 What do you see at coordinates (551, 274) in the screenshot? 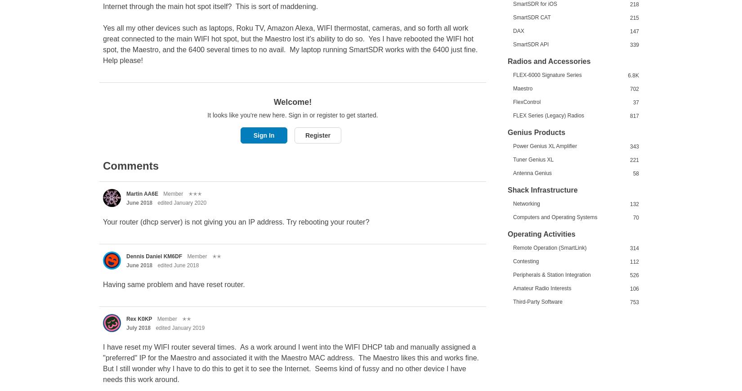
I see `'Peripherals & Station Integration'` at bounding box center [551, 274].